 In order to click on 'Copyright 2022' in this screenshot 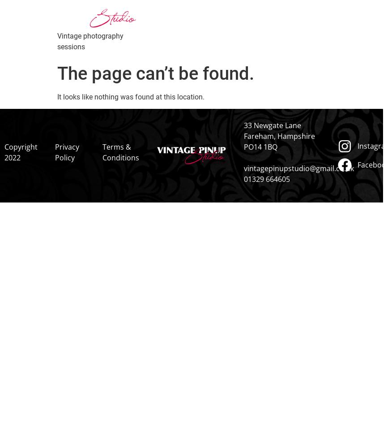, I will do `click(4, 152)`.